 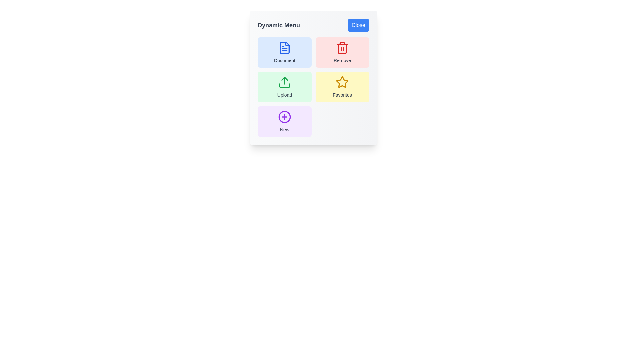 I want to click on the remove item button located in the second column of the first row of the grid layout to observe any animations or tooltips that may appear, so click(x=342, y=52).